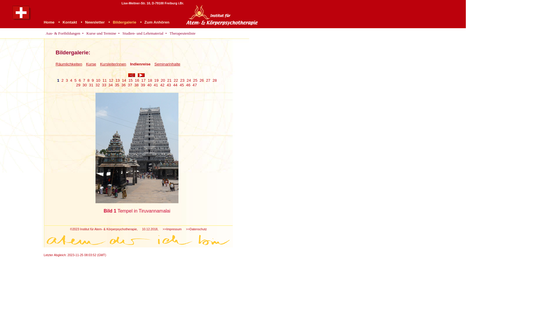 This screenshot has width=559, height=314. Describe the element at coordinates (117, 80) in the screenshot. I see `'13'` at that location.